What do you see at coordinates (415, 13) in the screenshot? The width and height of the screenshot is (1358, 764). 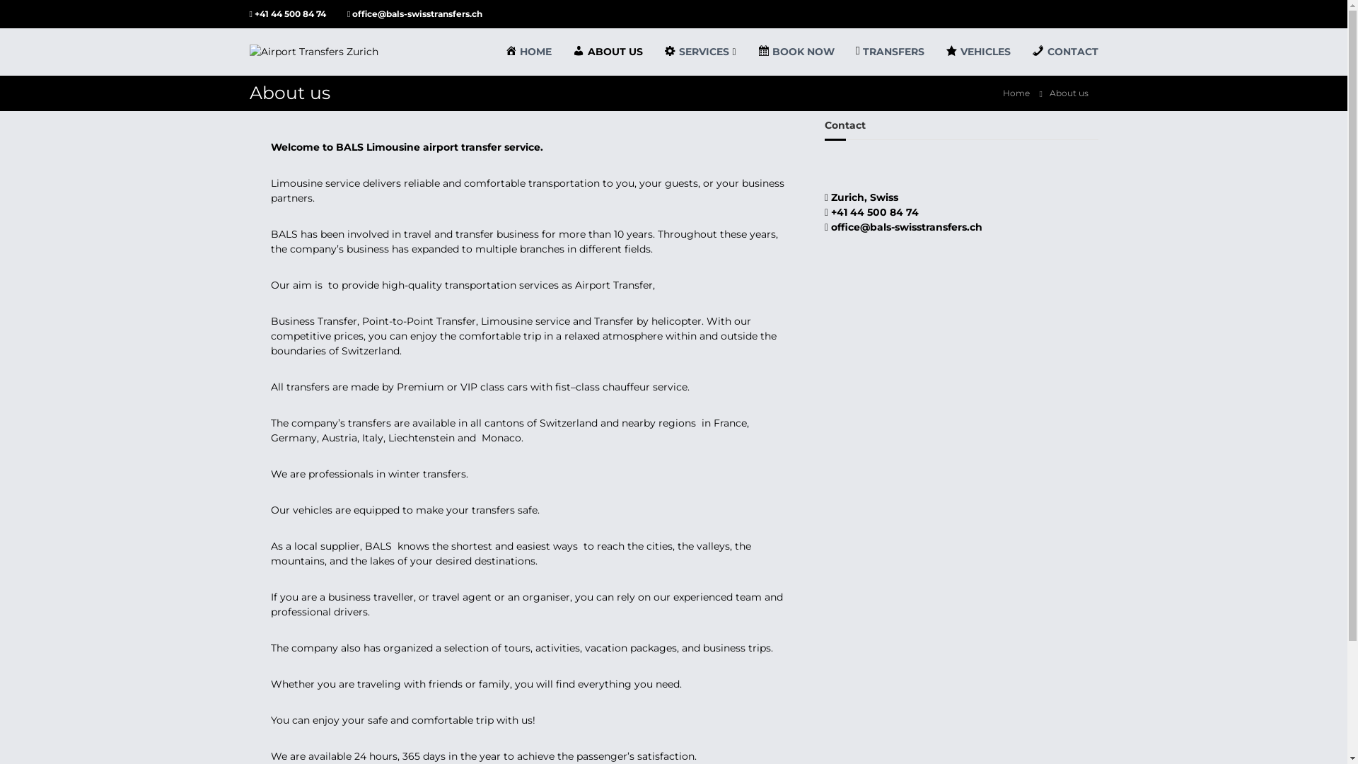 I see `' office@bals-swisstransfers.ch'` at bounding box center [415, 13].